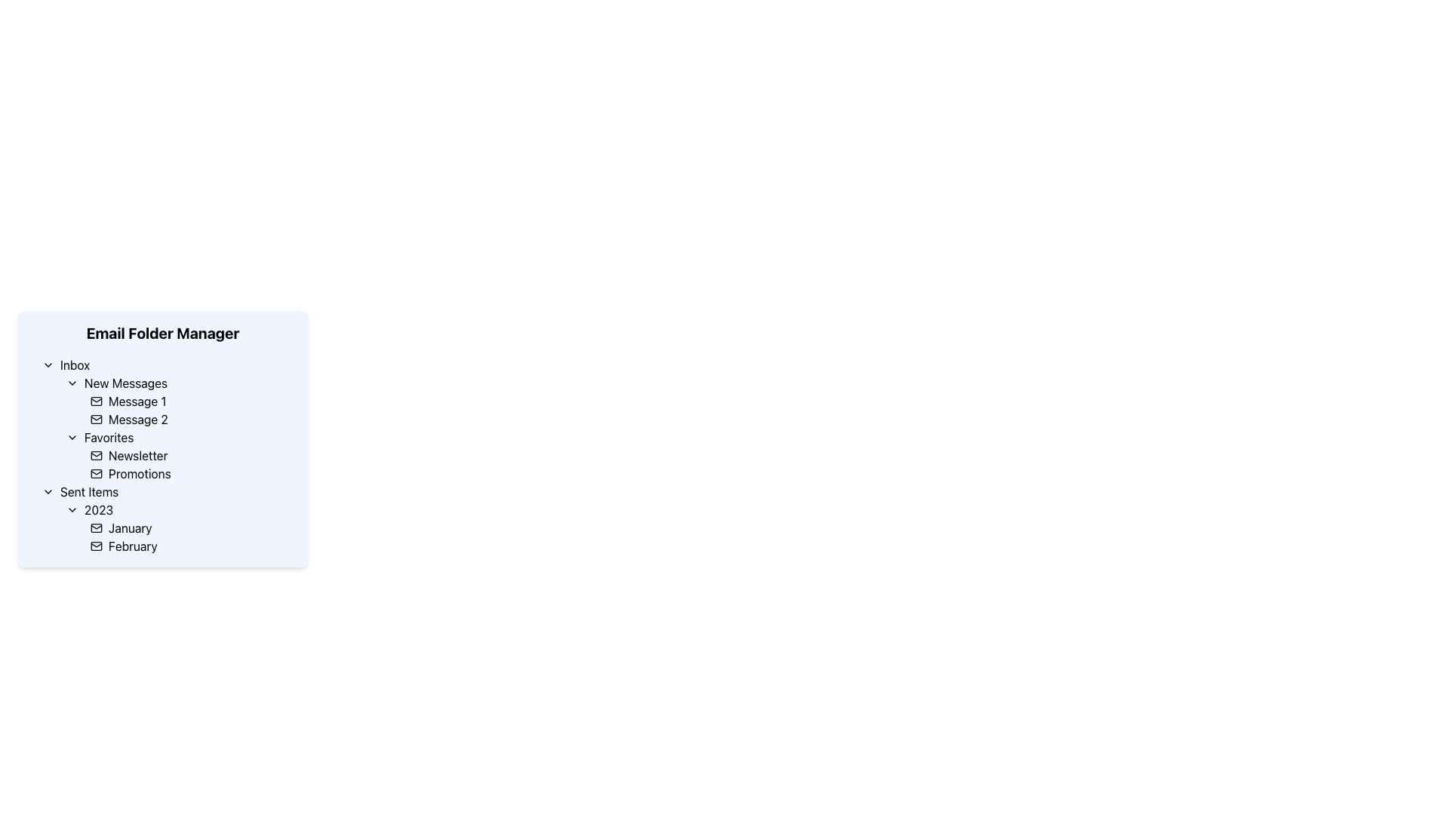  Describe the element at coordinates (96, 473) in the screenshot. I see `the mail icon located in the left-side menu interface, which is depicted as a rectangular envelope outline with a triangle flap, positioned to the left of the 'Promotions' label in the 'Favorites' subsection of the email folder manager` at that location.